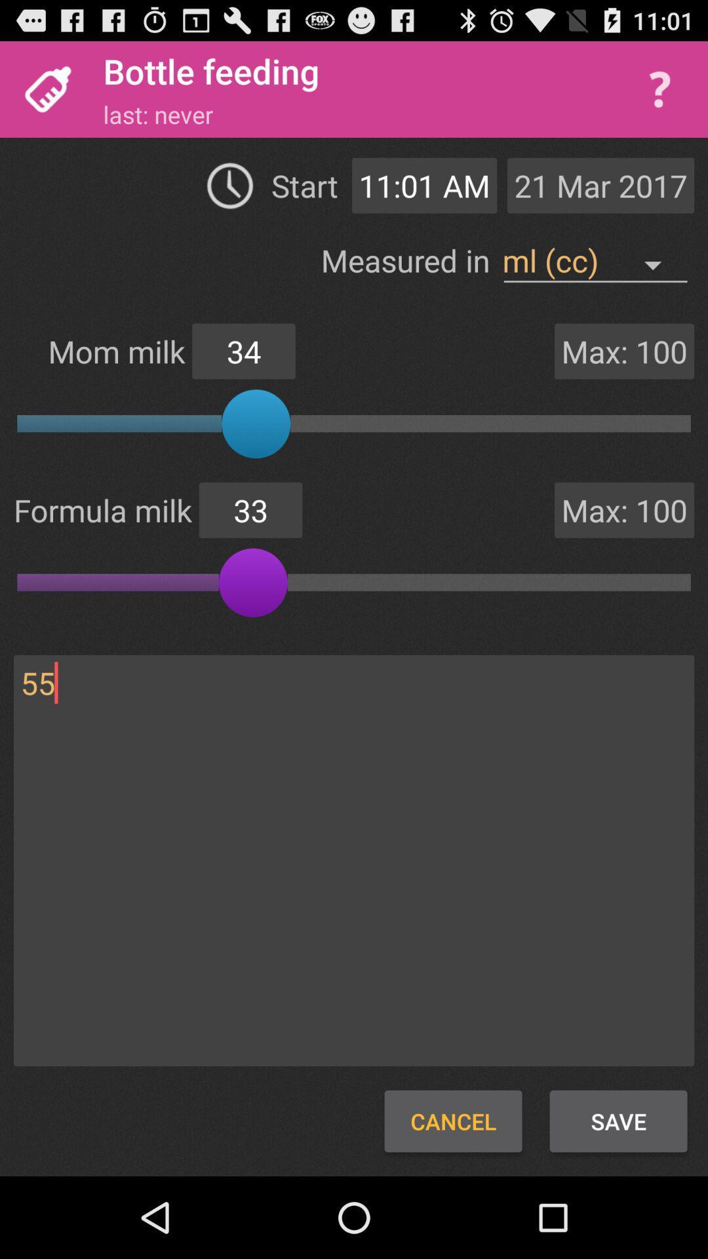  What do you see at coordinates (659, 95) in the screenshot?
I see `the help icon` at bounding box center [659, 95].